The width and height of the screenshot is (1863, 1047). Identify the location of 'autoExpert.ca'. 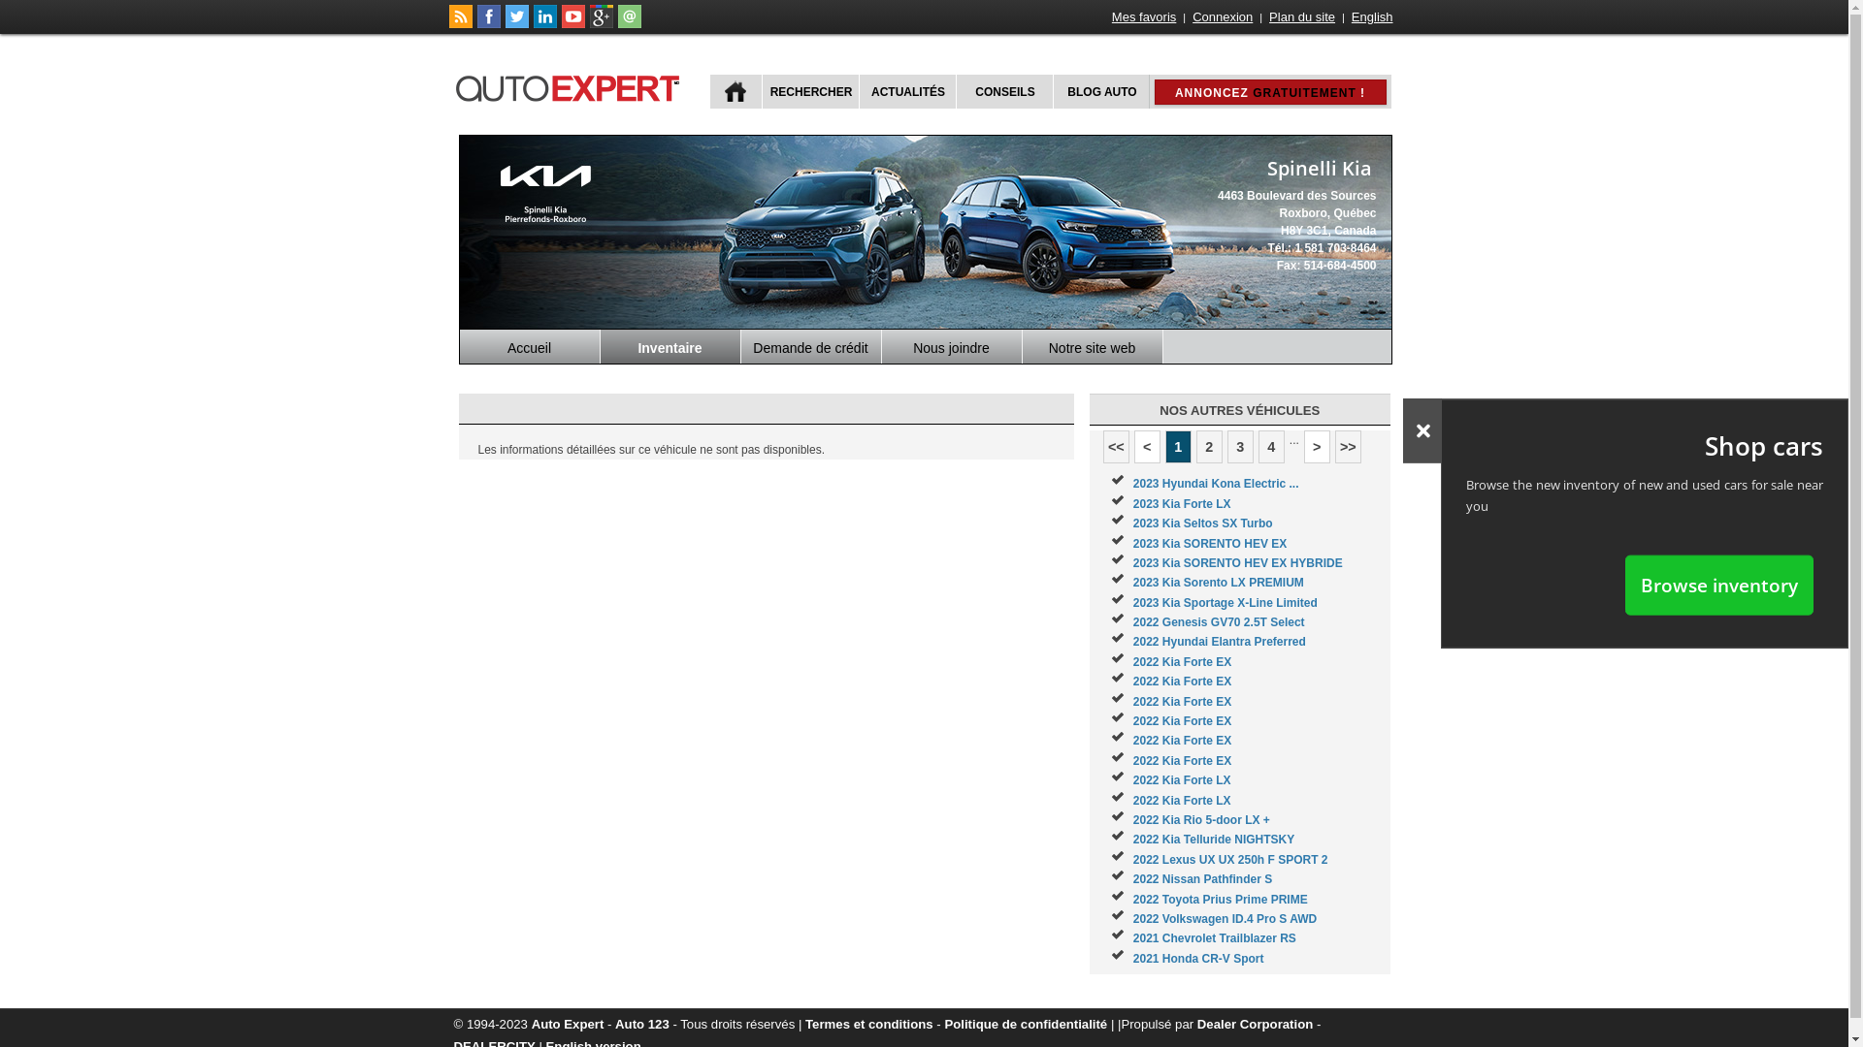
(452, 84).